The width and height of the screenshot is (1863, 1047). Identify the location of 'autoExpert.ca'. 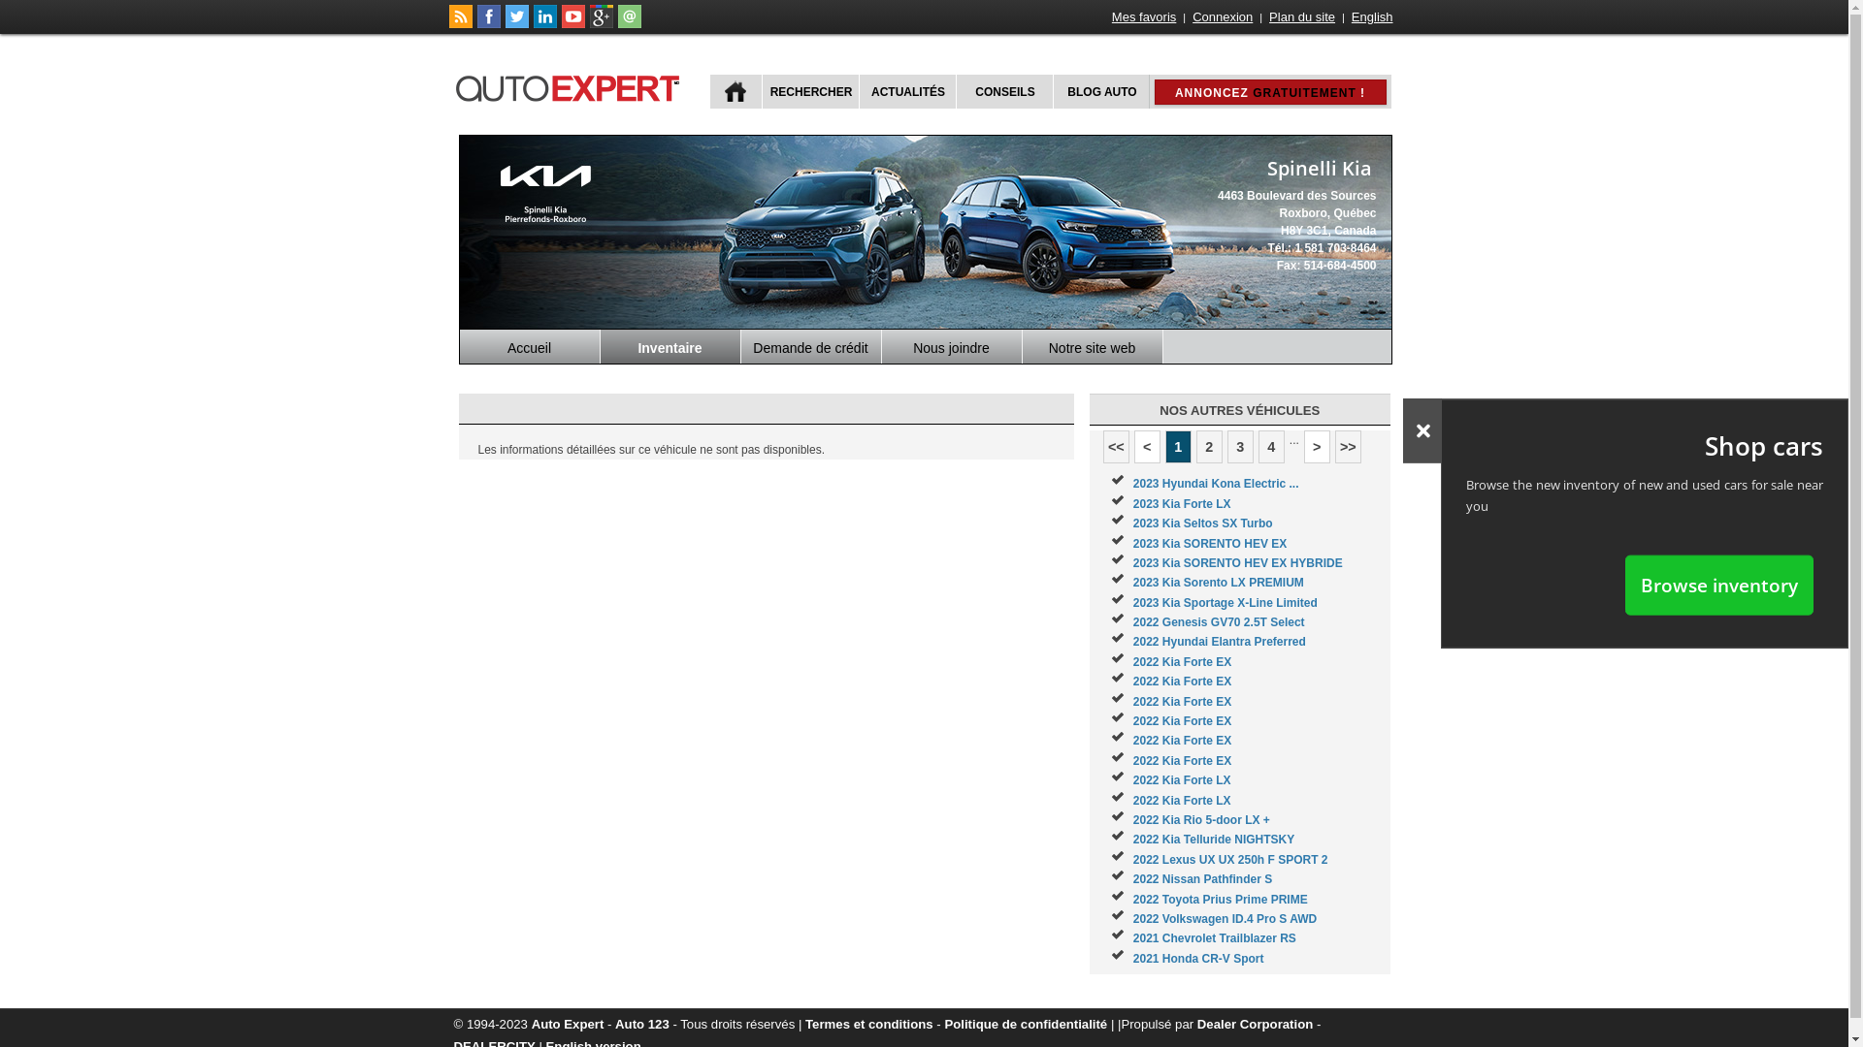
(452, 84).